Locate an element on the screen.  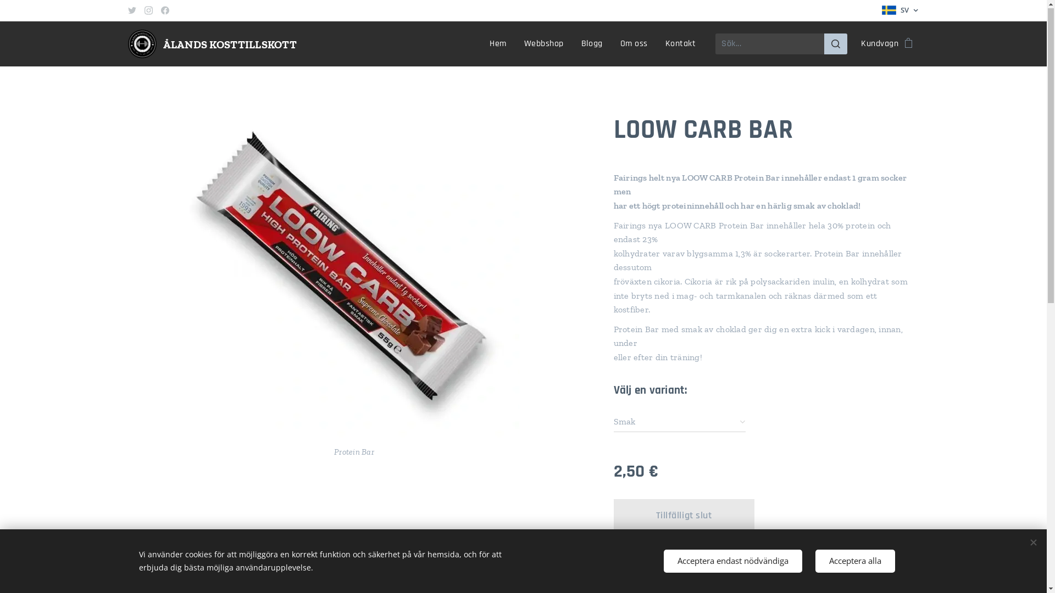
'Blogg' is located at coordinates (571, 44).